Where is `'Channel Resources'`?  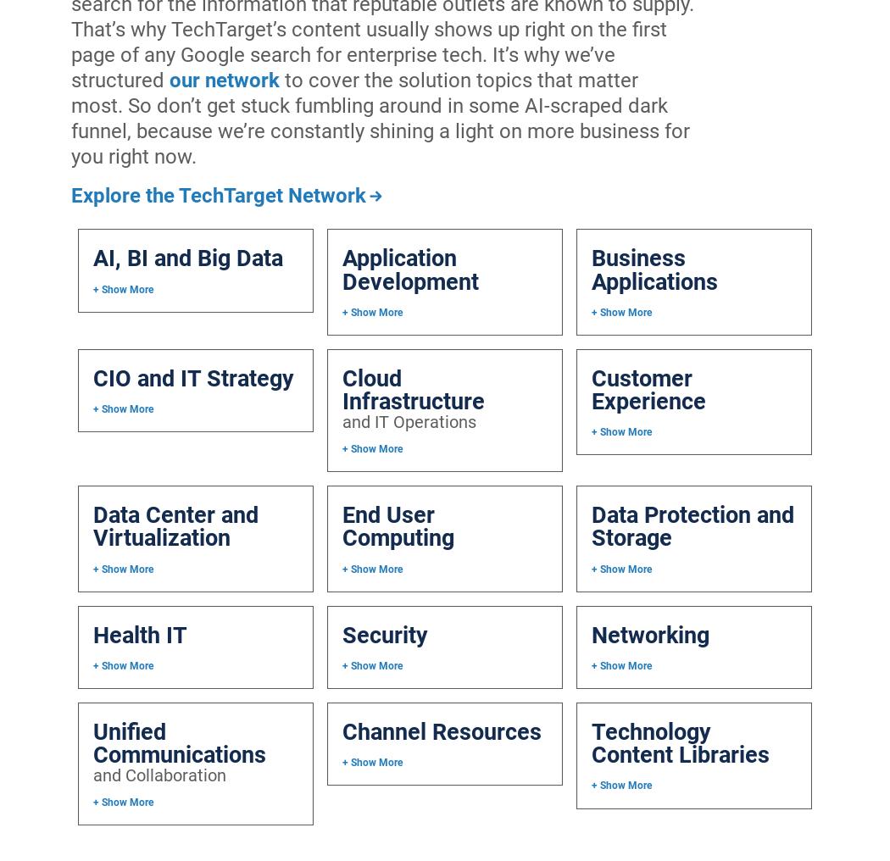
'Channel Resources' is located at coordinates (440, 730).